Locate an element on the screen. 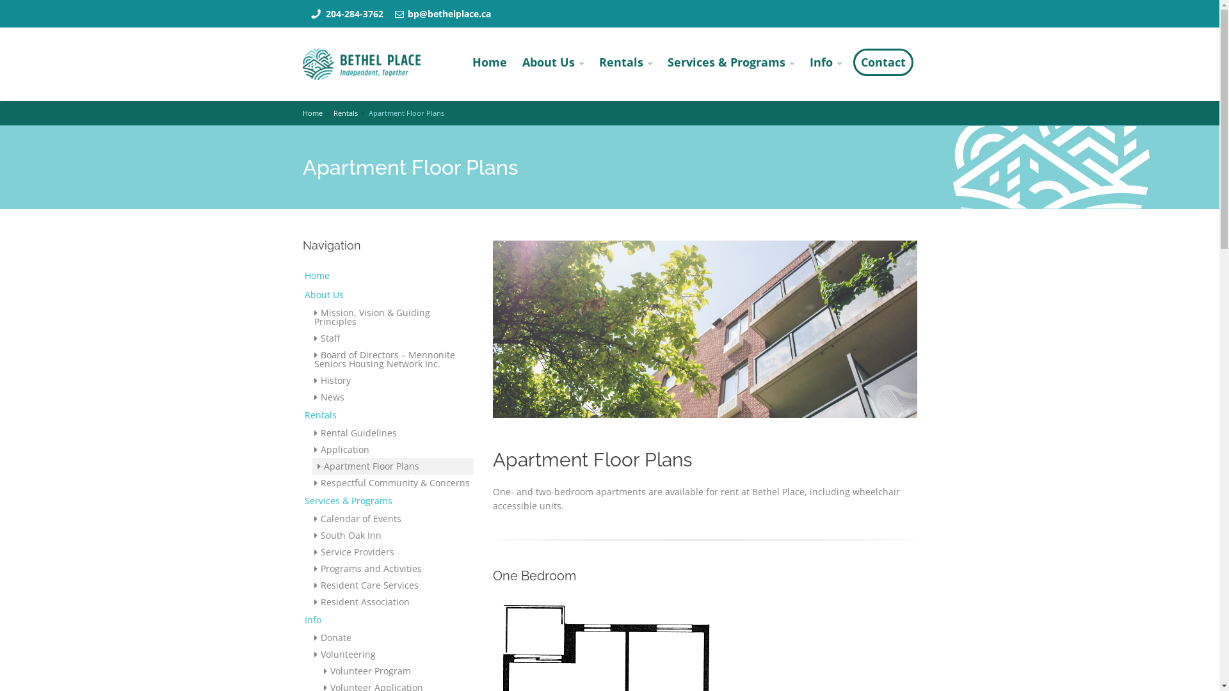 This screenshot has height=691, width=1229. 'Resident Association' is located at coordinates (312, 602).